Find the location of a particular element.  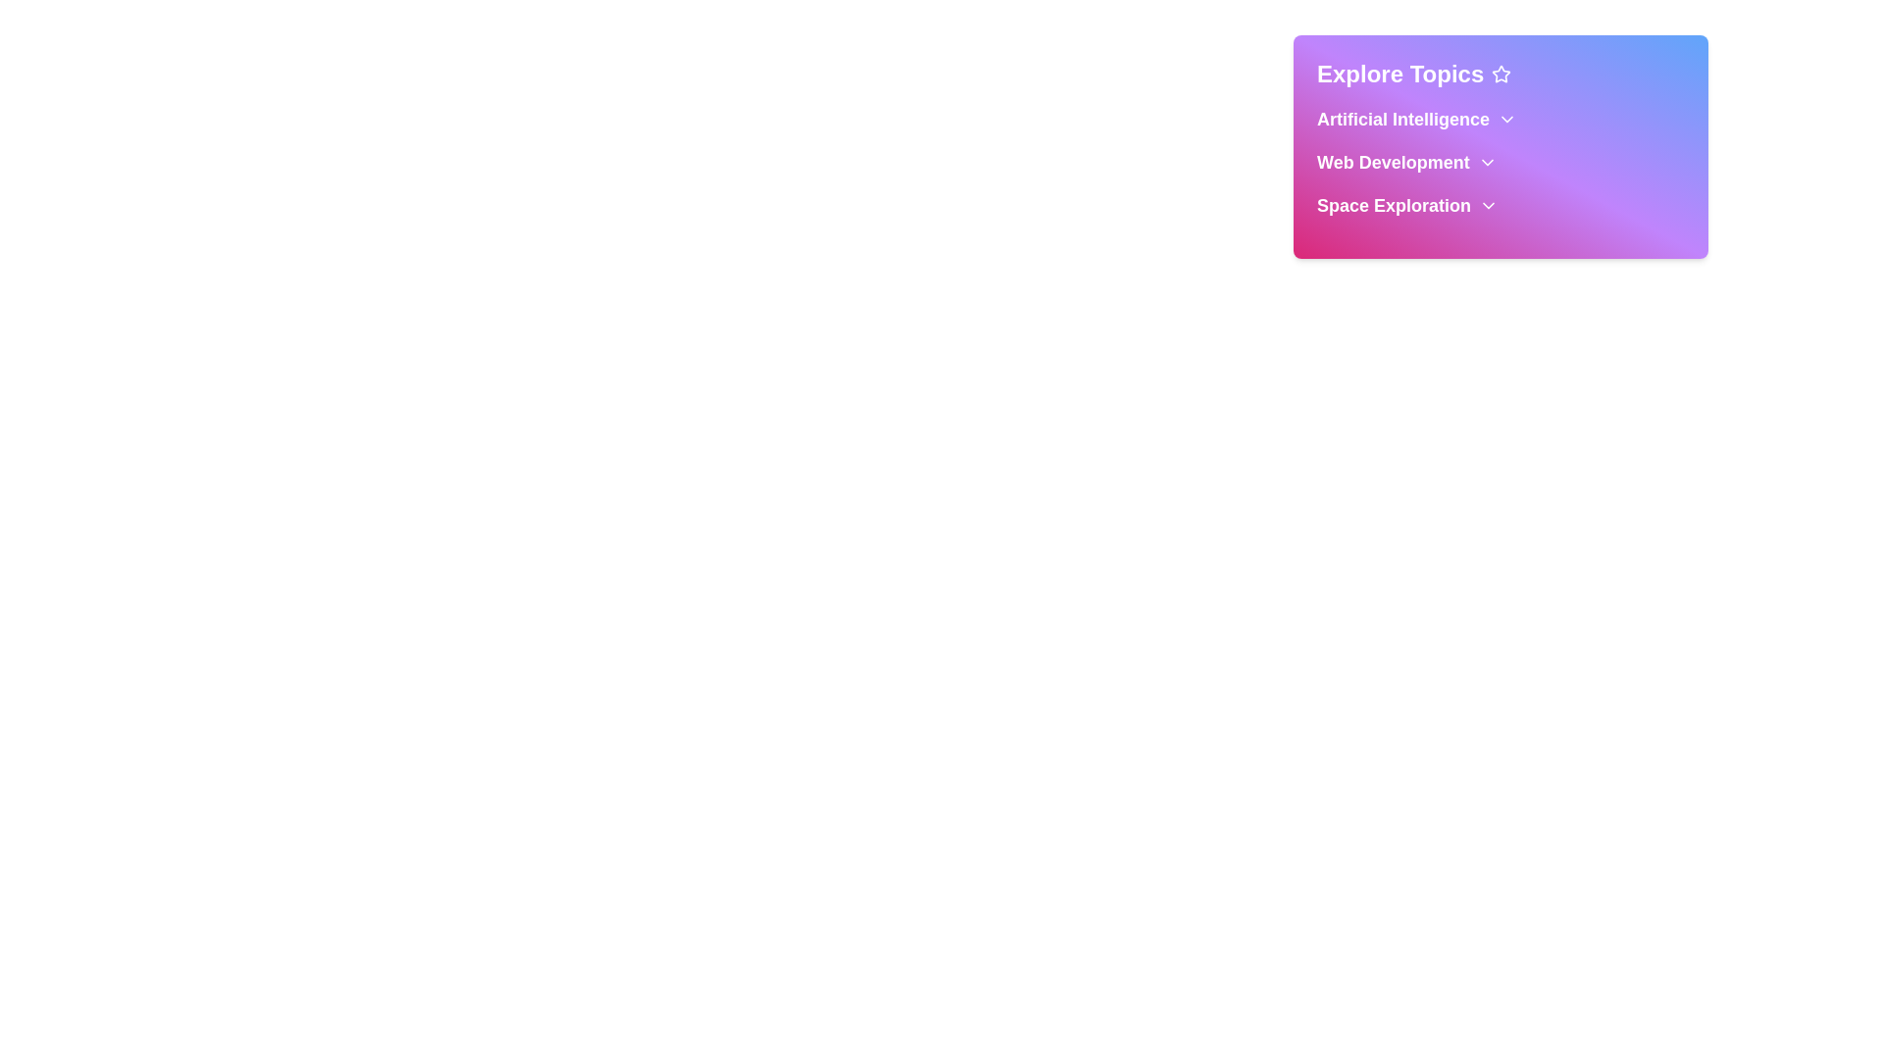

the 'Space Exploration' dropdown menu item located at the bottom of the topics list is located at coordinates (1500, 205).